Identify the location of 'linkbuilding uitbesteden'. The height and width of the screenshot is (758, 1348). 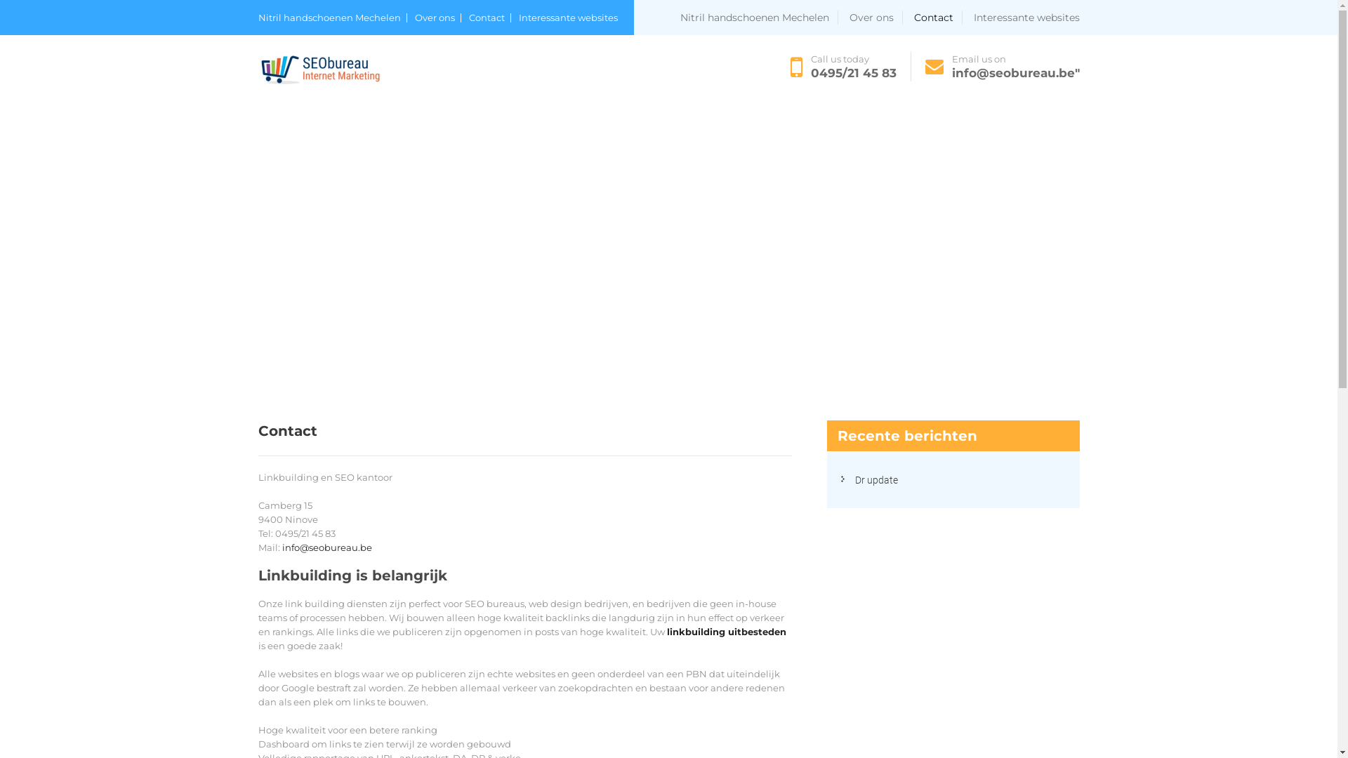
(727, 630).